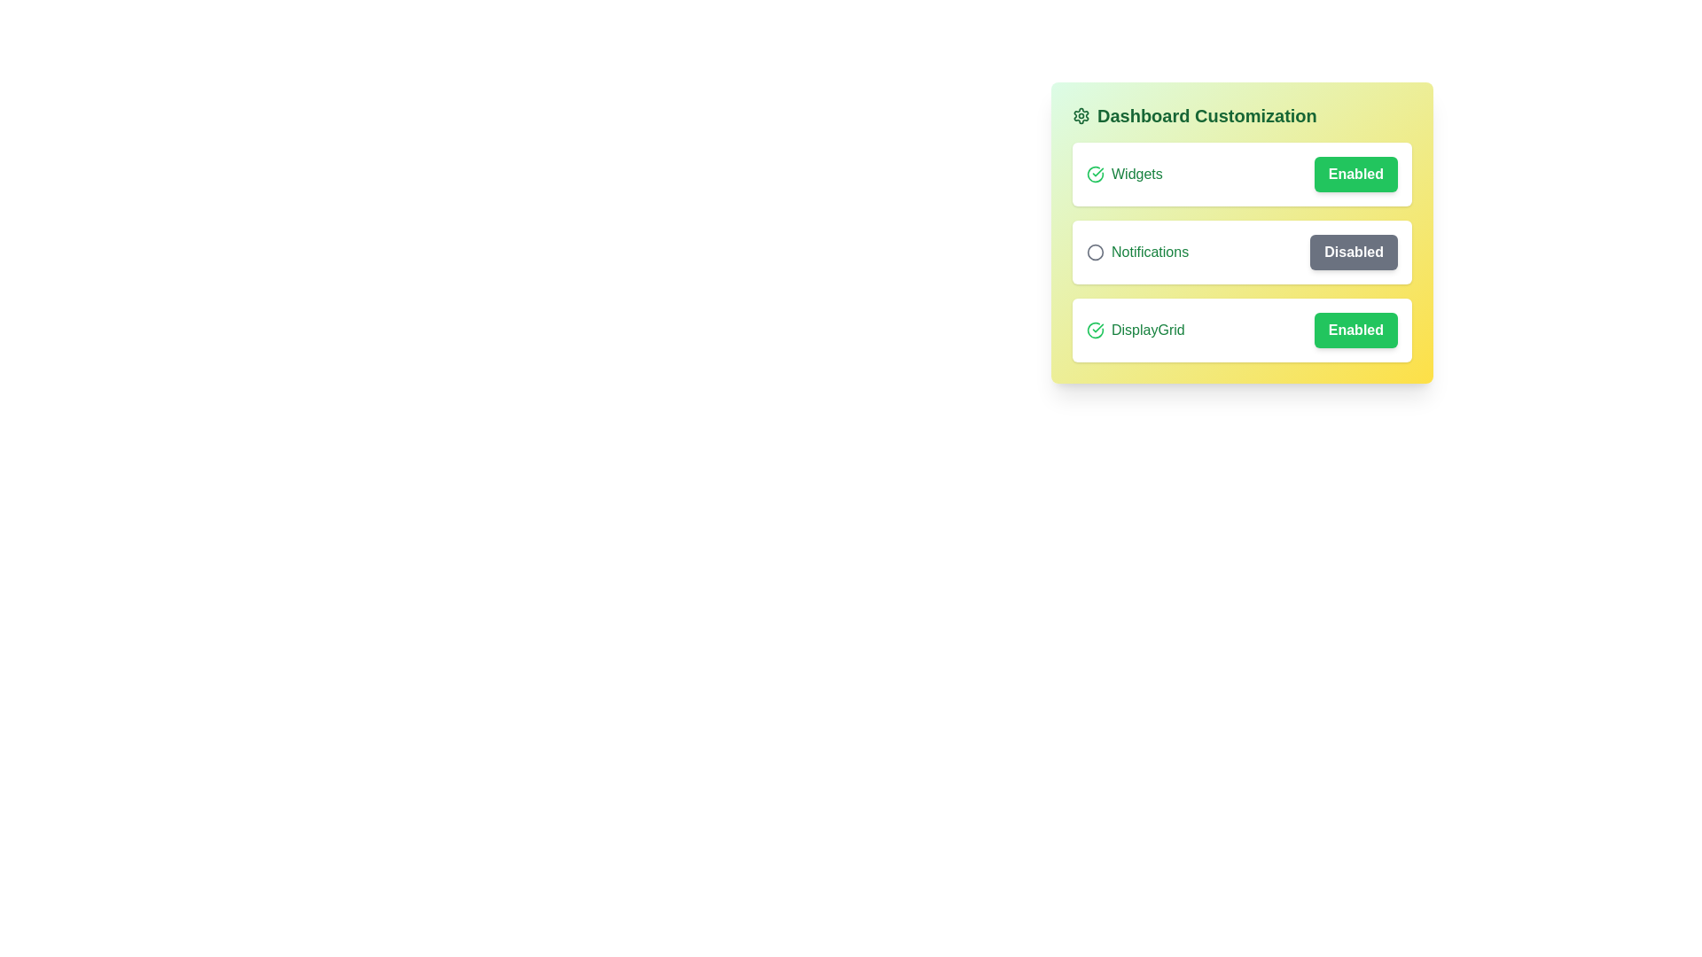 The image size is (1702, 957). Describe the element at coordinates (1355, 174) in the screenshot. I see `the 'Enabled' or 'Disabled' button for the 'Widgets' setting to toggle its state` at that location.